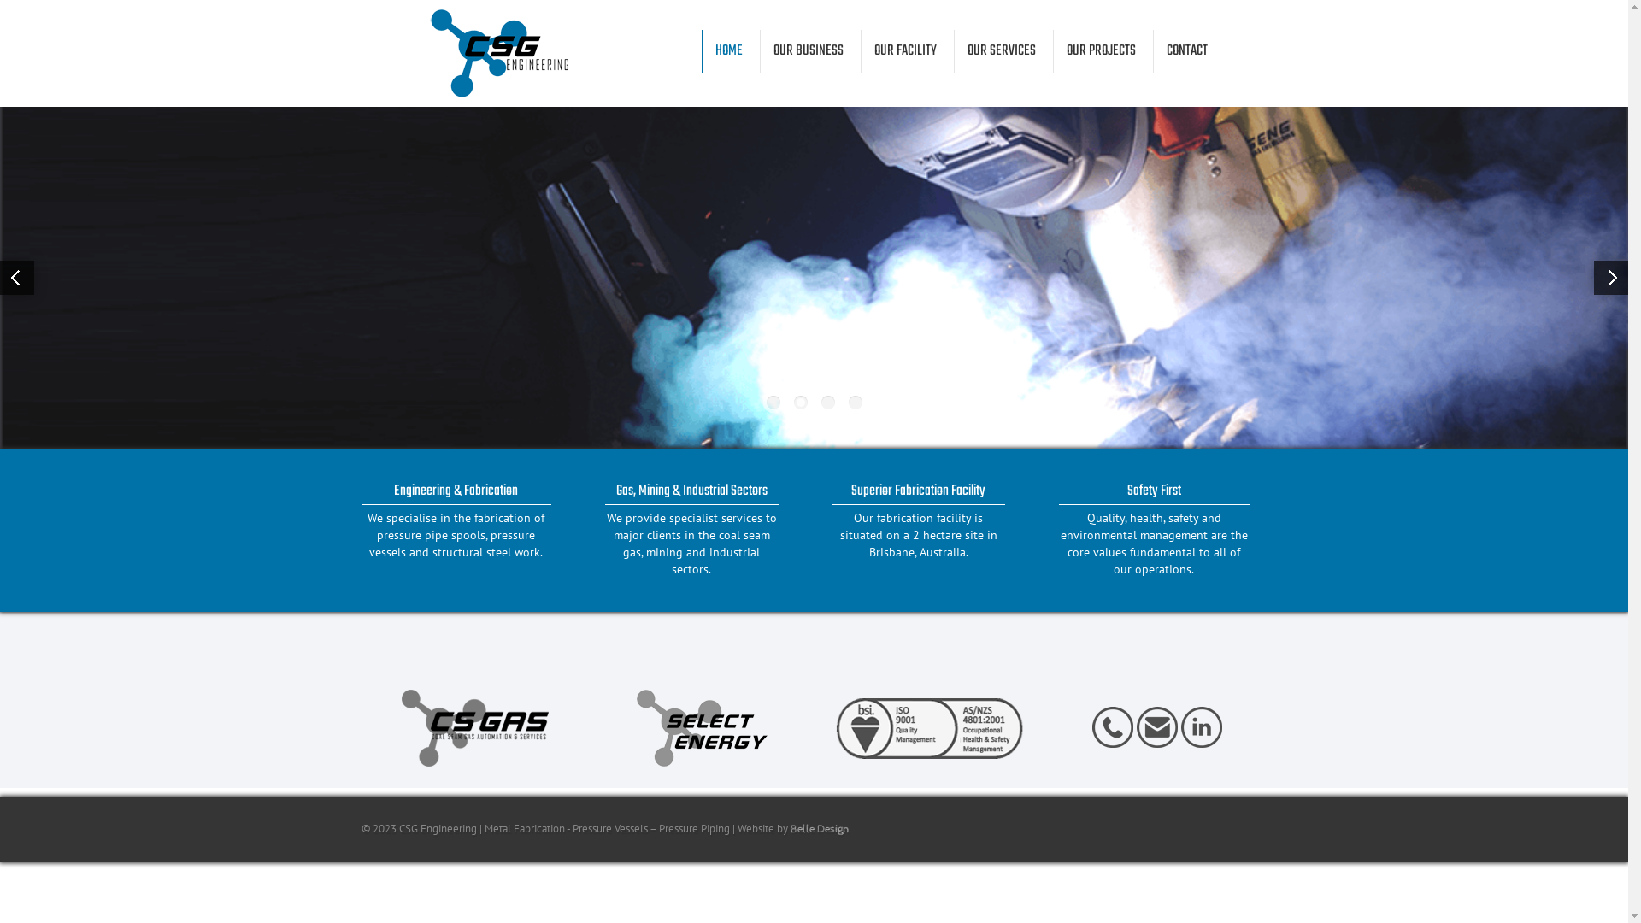  Describe the element at coordinates (771, 402) in the screenshot. I see `'1'` at that location.